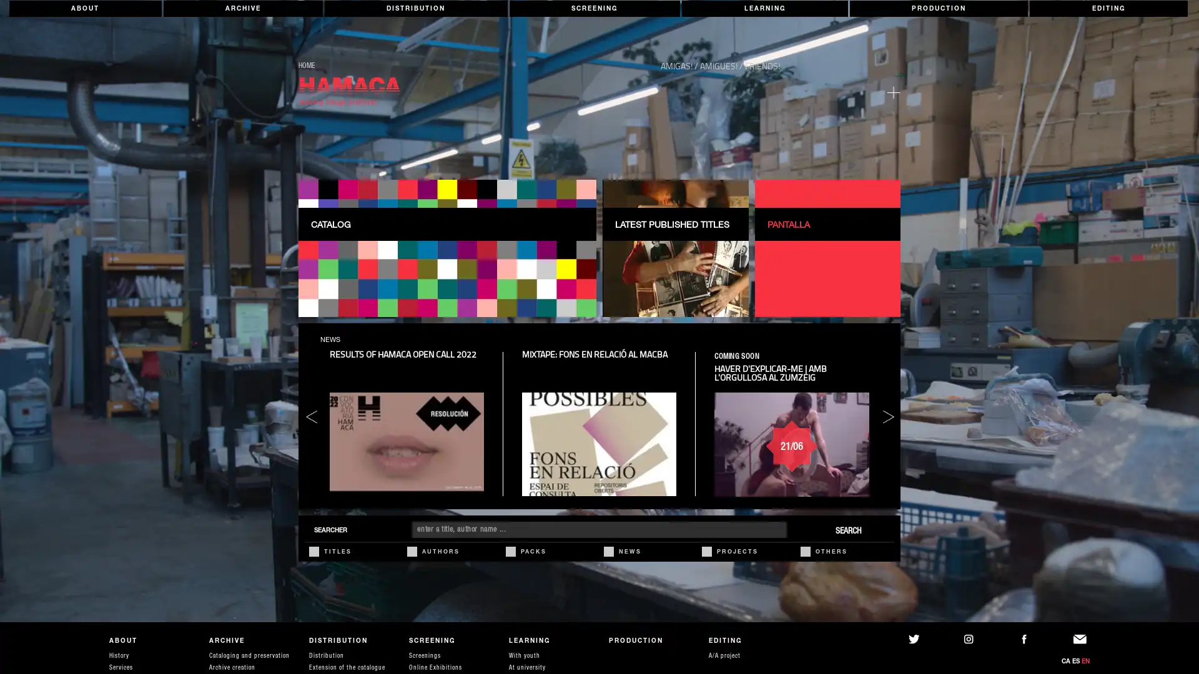  What do you see at coordinates (1084, 661) in the screenshot?
I see `EN` at bounding box center [1084, 661].